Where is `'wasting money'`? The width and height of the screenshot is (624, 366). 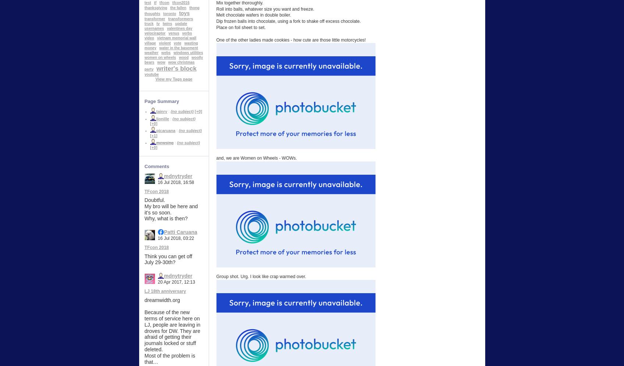
'wasting money' is located at coordinates (170, 45).